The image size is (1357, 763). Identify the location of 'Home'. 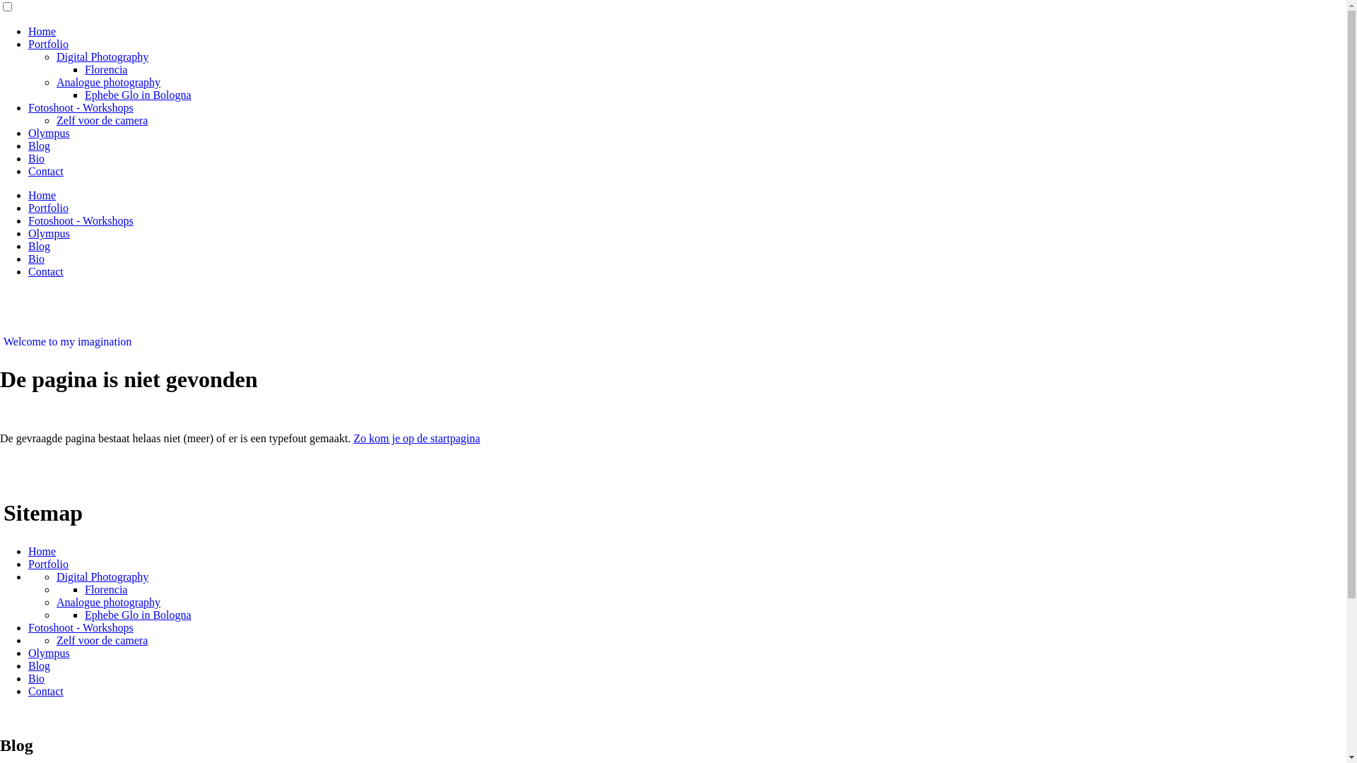
(42, 31).